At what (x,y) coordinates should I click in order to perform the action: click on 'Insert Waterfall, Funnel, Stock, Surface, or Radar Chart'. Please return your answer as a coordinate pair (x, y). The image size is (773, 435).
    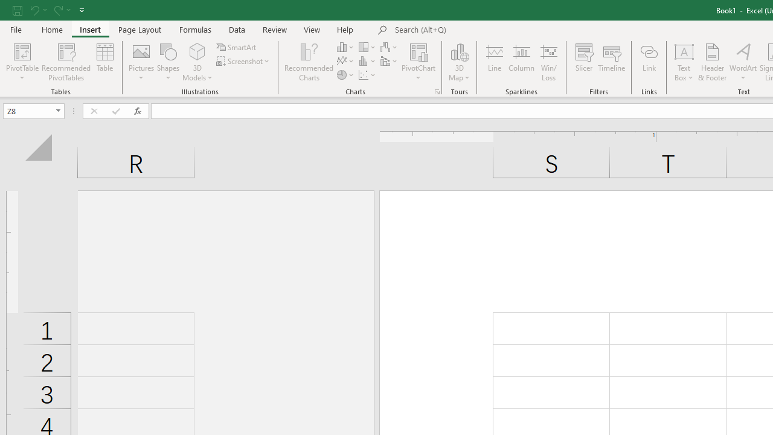
    Looking at the image, I should click on (390, 47).